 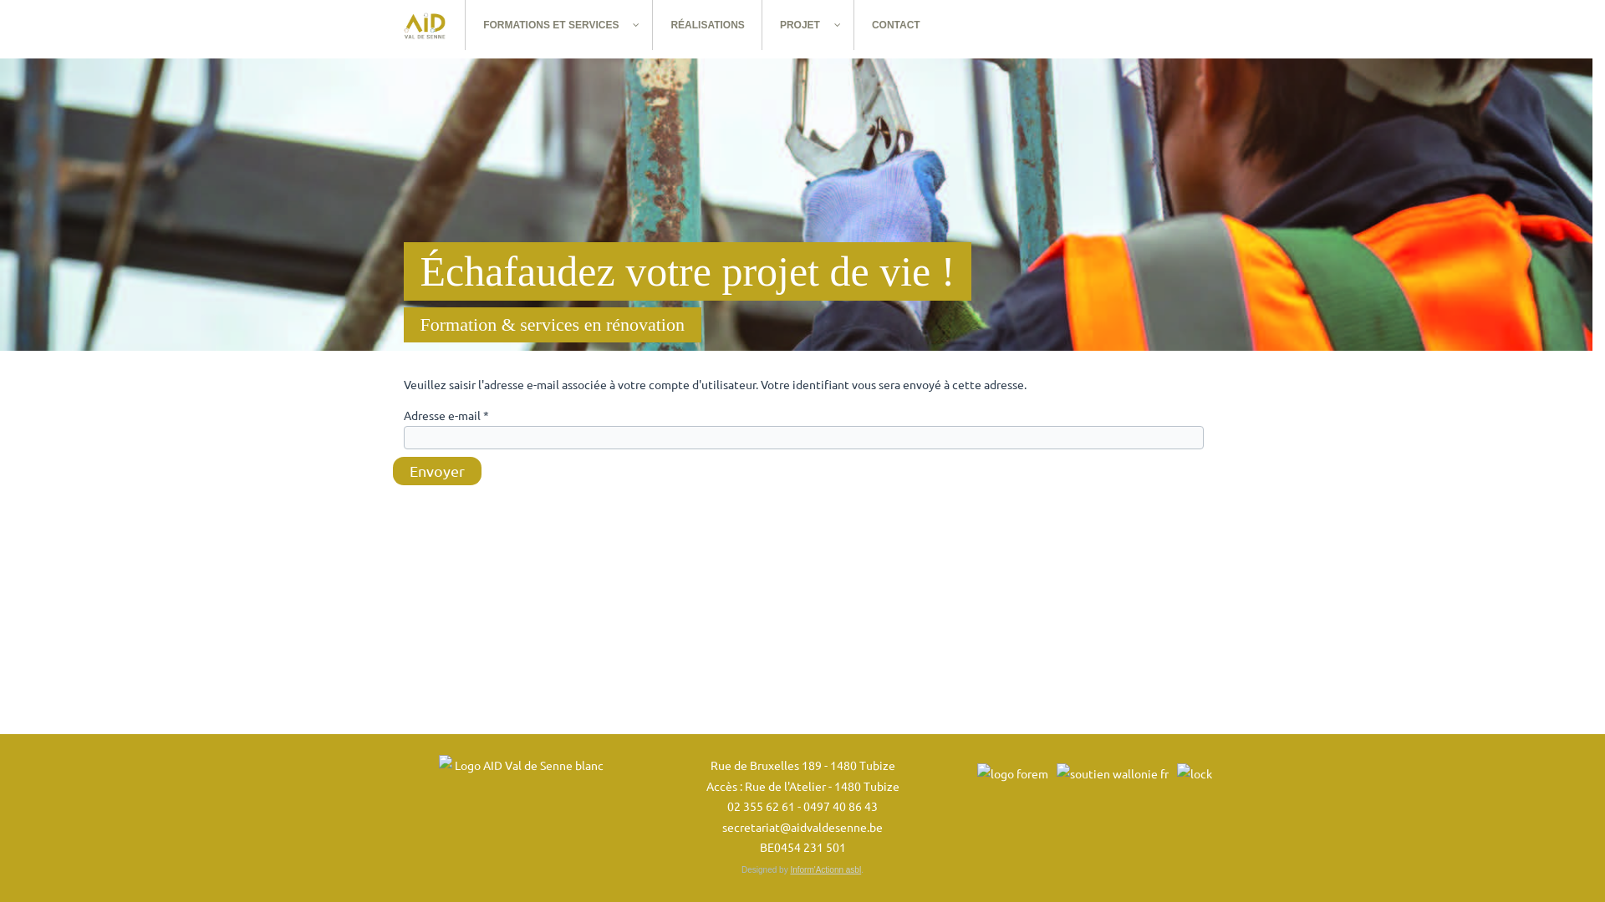 I want to click on 'CONTACT', so click(x=894, y=25).